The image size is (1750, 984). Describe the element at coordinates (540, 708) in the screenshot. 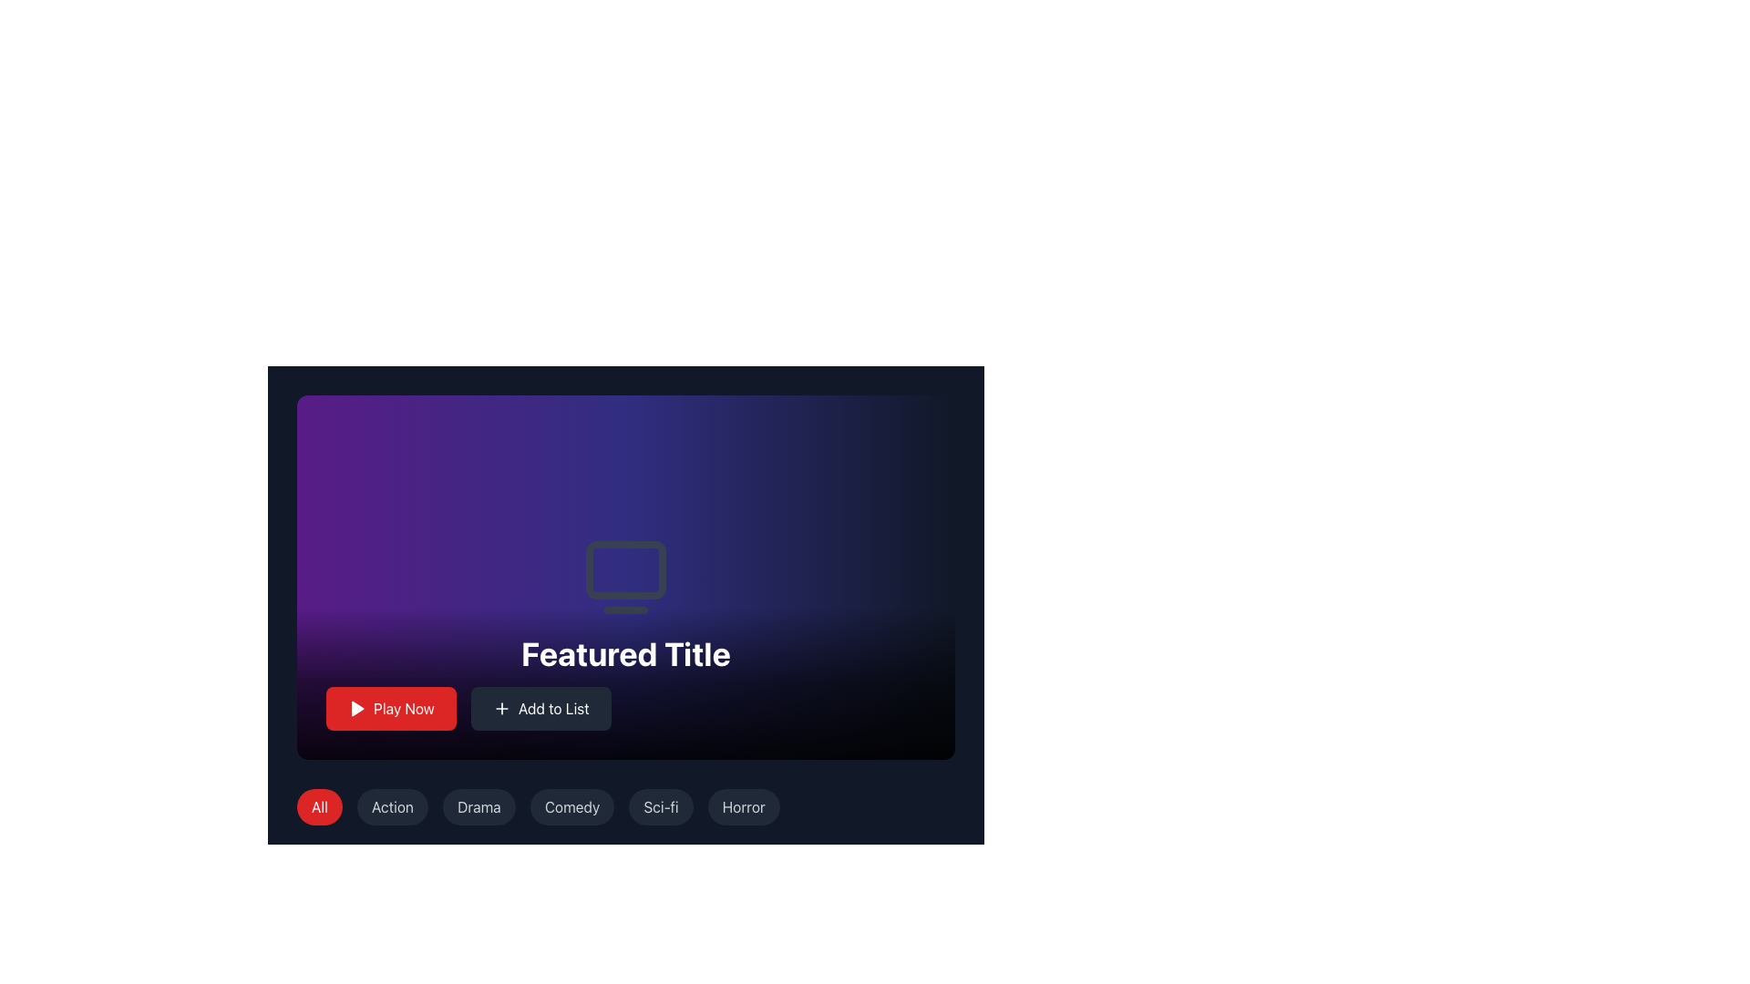

I see `the add-to-list button located to the right of the 'Play Now' button, centered vertically below the 'Featured Title' heading and above genre tags` at that location.